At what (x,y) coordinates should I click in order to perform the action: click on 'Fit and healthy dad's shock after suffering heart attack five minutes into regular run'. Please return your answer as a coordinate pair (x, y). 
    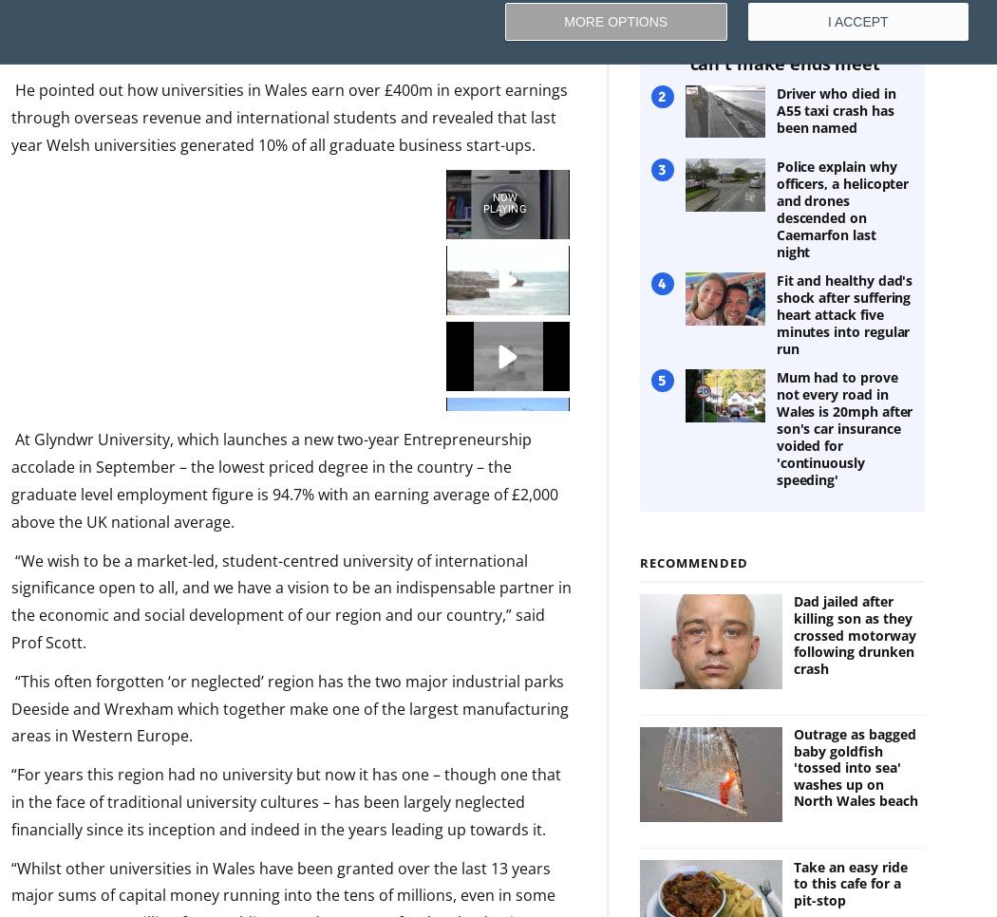
    Looking at the image, I should click on (843, 314).